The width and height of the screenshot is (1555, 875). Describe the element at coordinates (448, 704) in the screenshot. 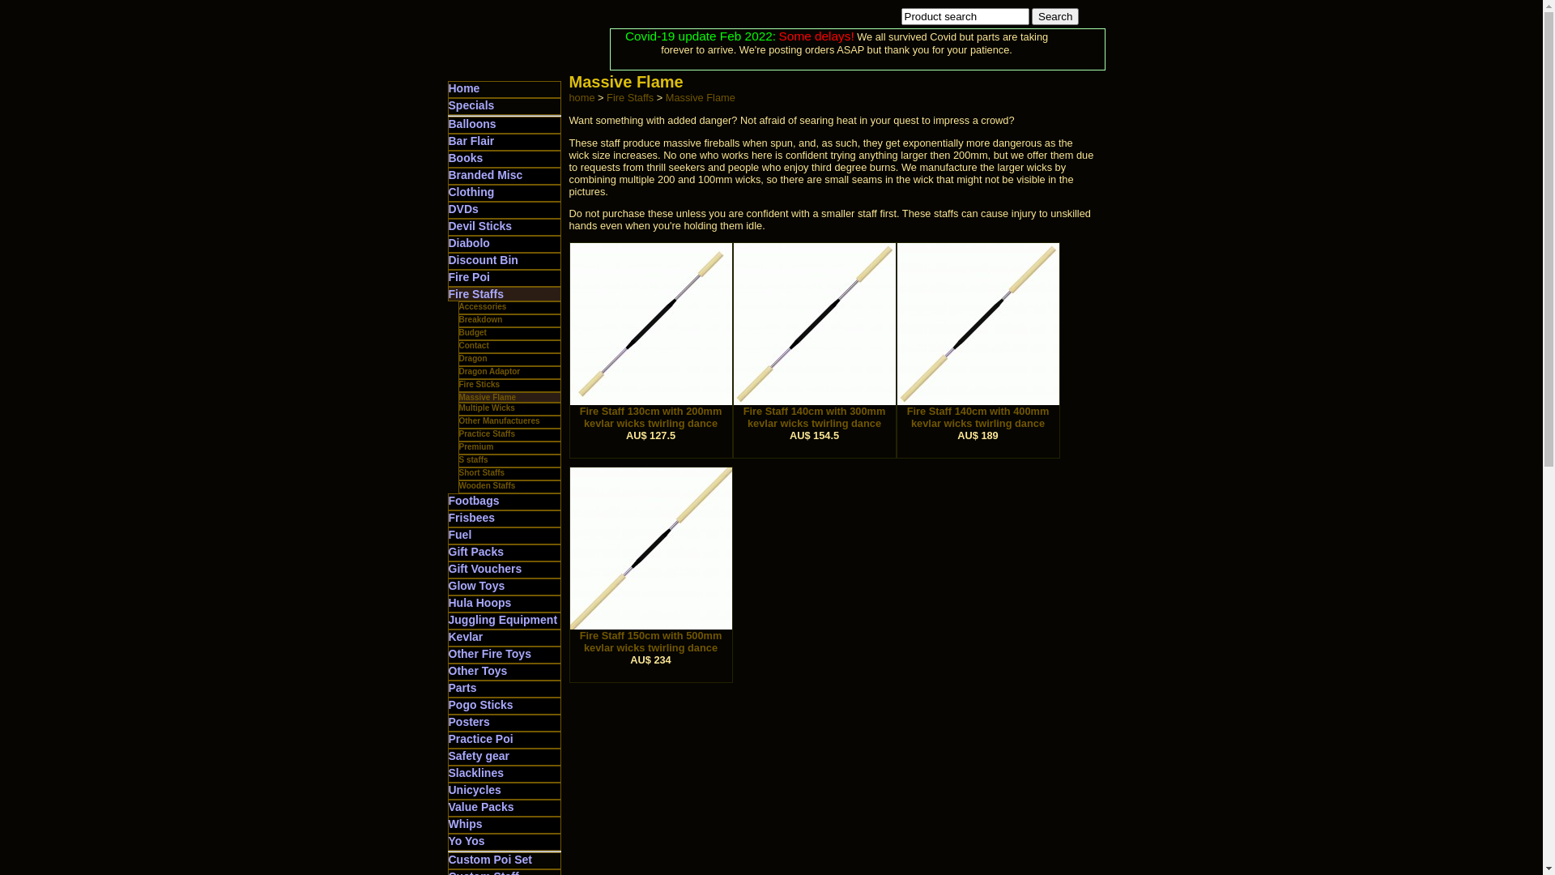

I see `'Pogo Sticks'` at that location.